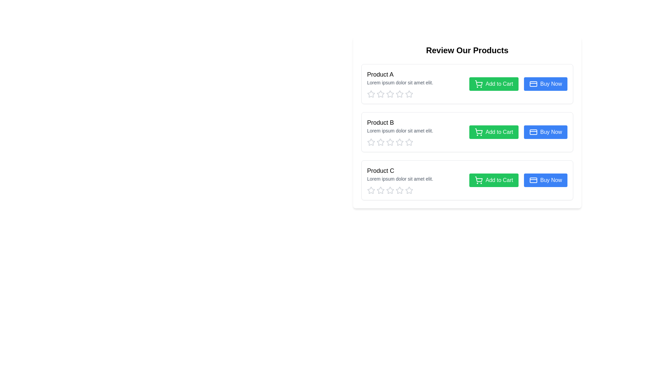 This screenshot has height=366, width=652. Describe the element at coordinates (370, 142) in the screenshot. I see `the leftmost outlined gray star icon in the rating section for 'Product B'` at that location.